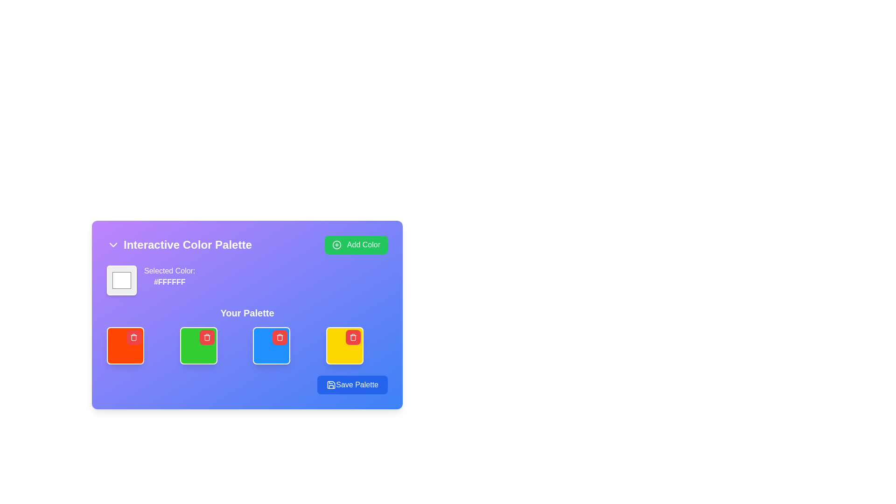 The height and width of the screenshot is (504, 896). I want to click on the fourth item in the grid layout that represents a color swatch or palette item with a trash icon for color selection or modification, so click(344, 345).